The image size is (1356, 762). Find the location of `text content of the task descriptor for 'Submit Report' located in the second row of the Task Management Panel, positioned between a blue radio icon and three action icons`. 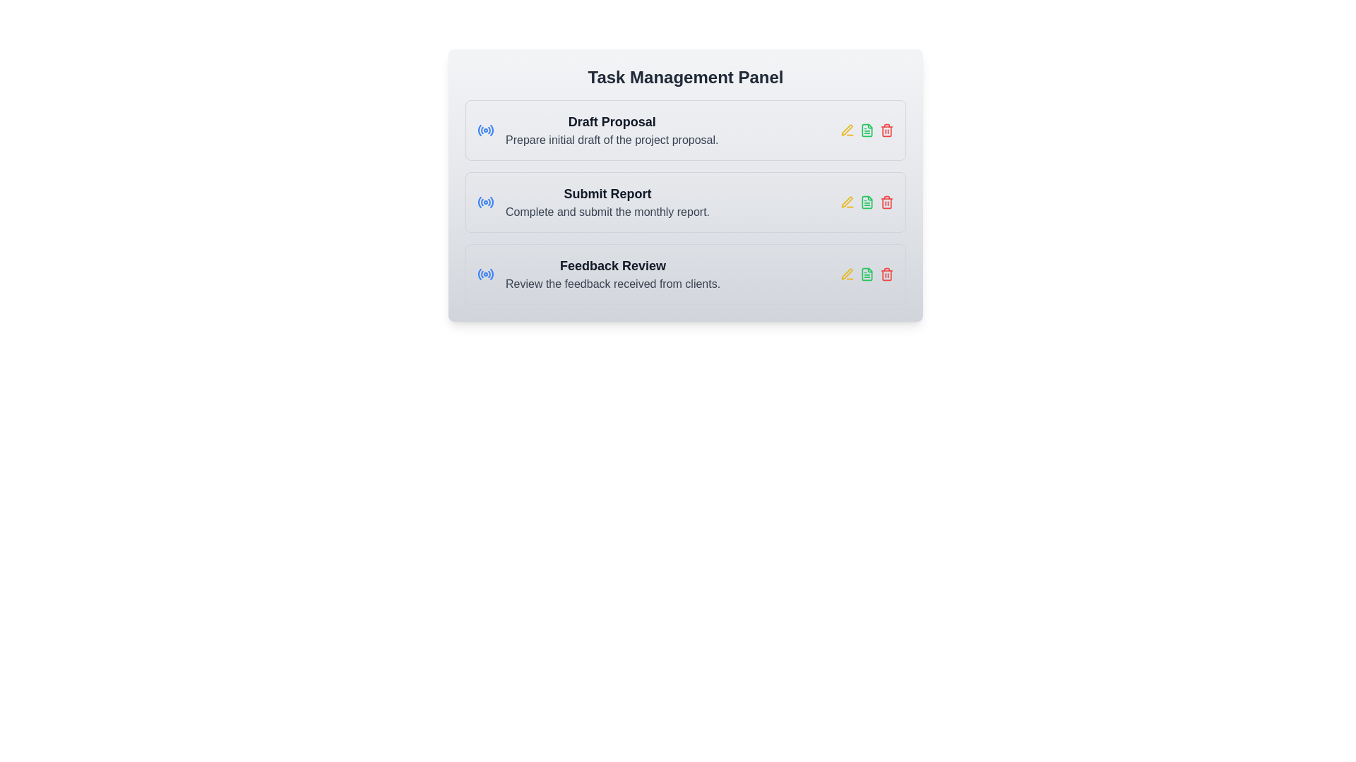

text content of the task descriptor for 'Submit Report' located in the second row of the Task Management Panel, positioned between a blue radio icon and three action icons is located at coordinates (593, 202).